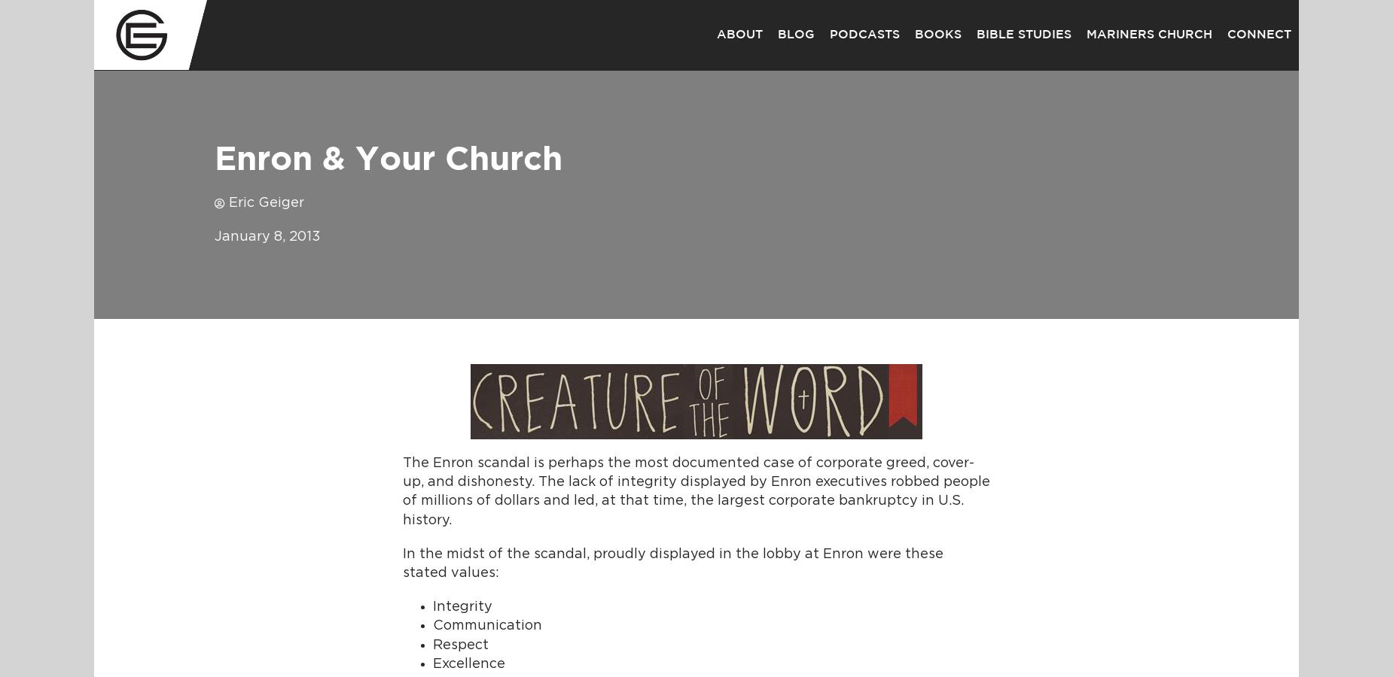 Image resolution: width=1393 pixels, height=677 pixels. Describe the element at coordinates (1227, 34) in the screenshot. I see `'Connect'` at that location.